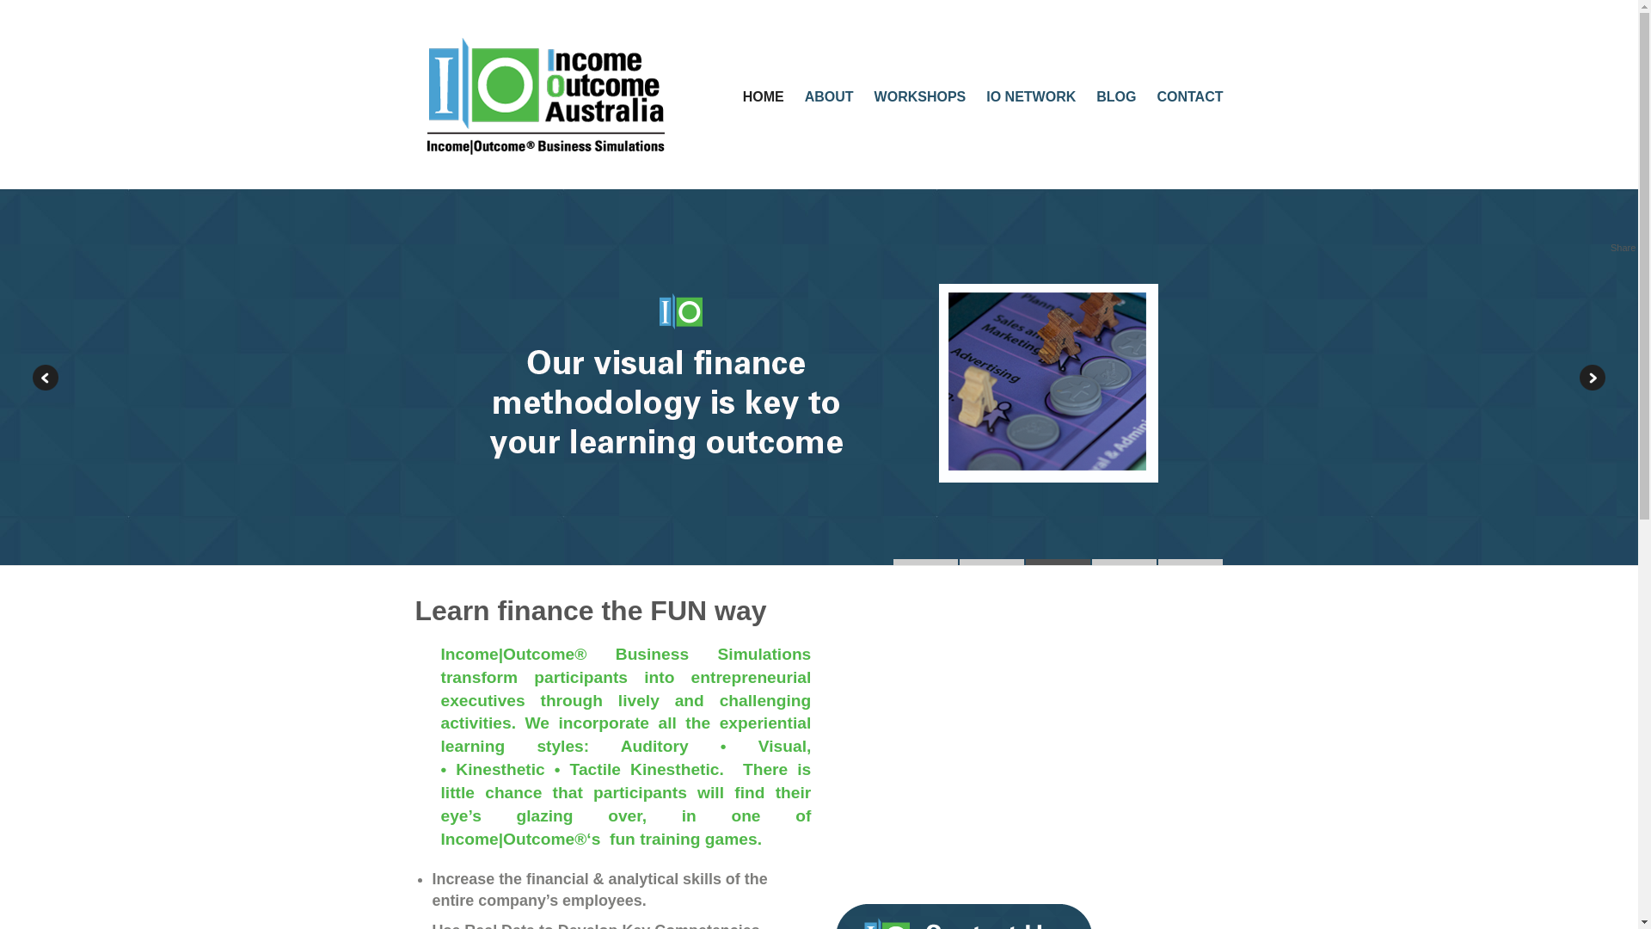  Describe the element at coordinates (1156, 96) in the screenshot. I see `'CONTACT'` at that location.